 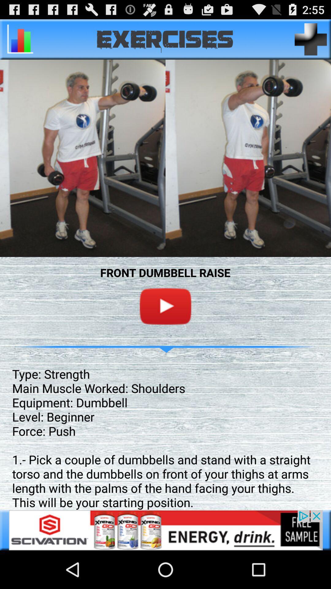 What do you see at coordinates (311, 39) in the screenshot?
I see `page` at bounding box center [311, 39].